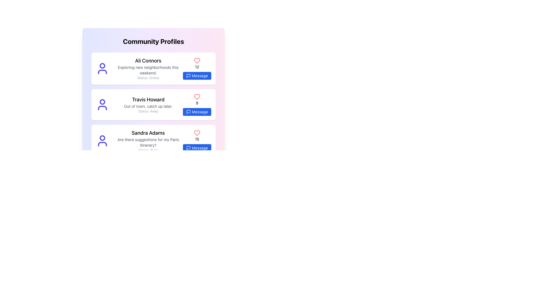 This screenshot has width=533, height=300. I want to click on the Static Text element displaying the number '15', which is located below the red heart icon in the user profile summary, so click(197, 139).